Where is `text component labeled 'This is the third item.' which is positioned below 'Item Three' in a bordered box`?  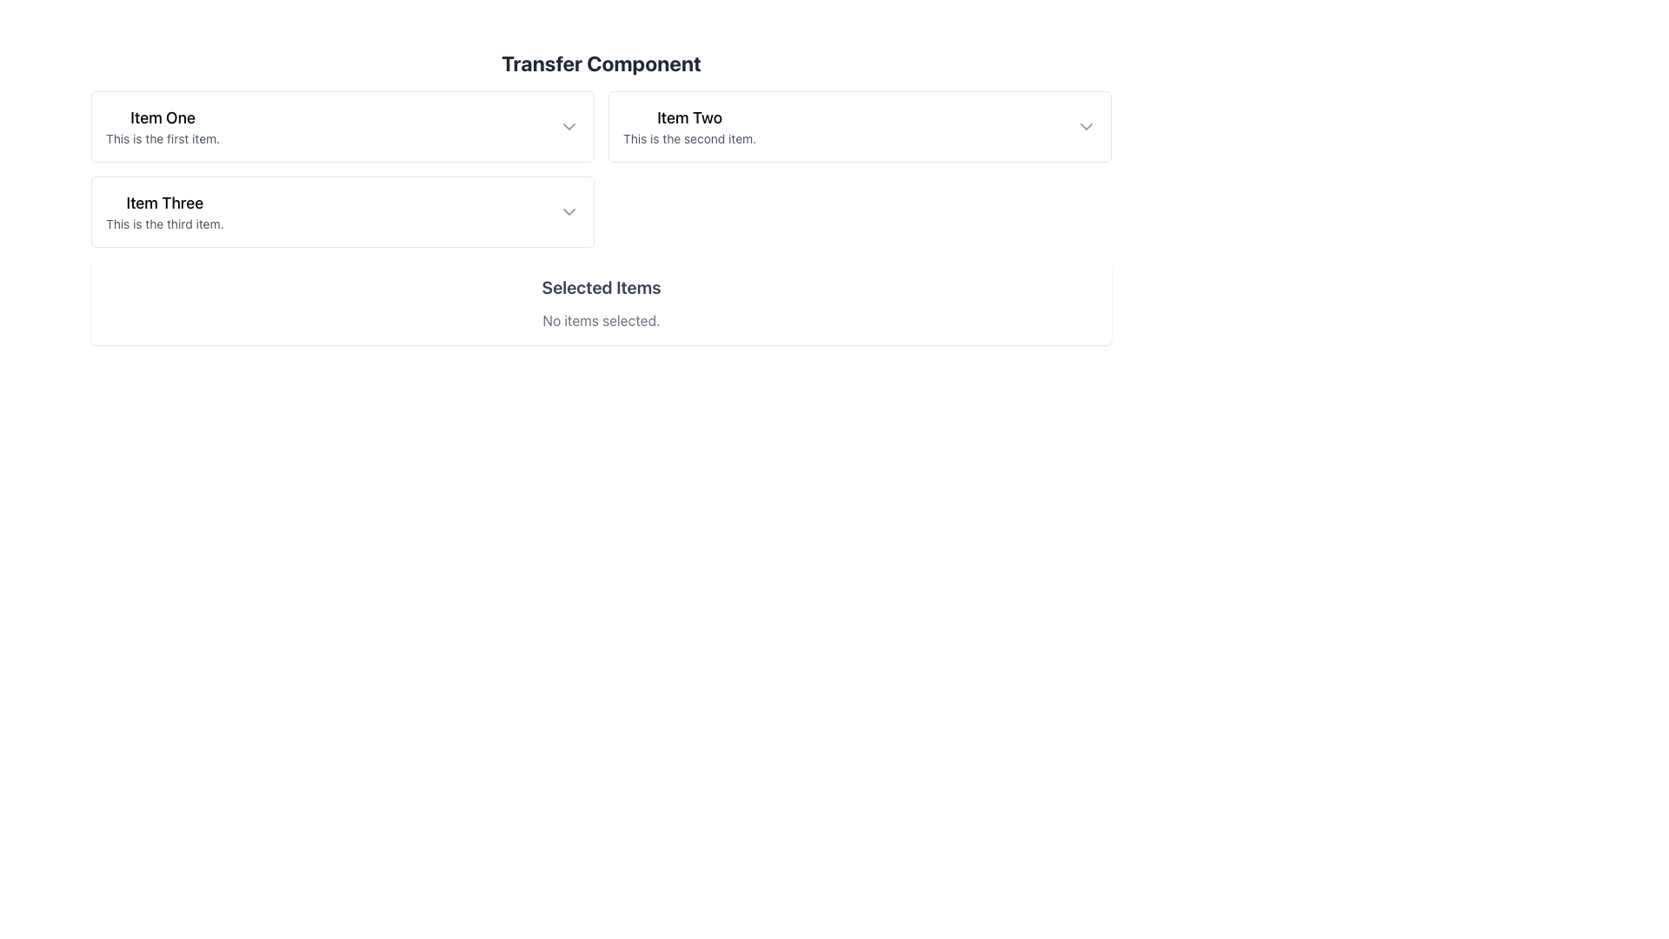 text component labeled 'This is the third item.' which is positioned below 'Item Three' in a bordered box is located at coordinates (164, 223).